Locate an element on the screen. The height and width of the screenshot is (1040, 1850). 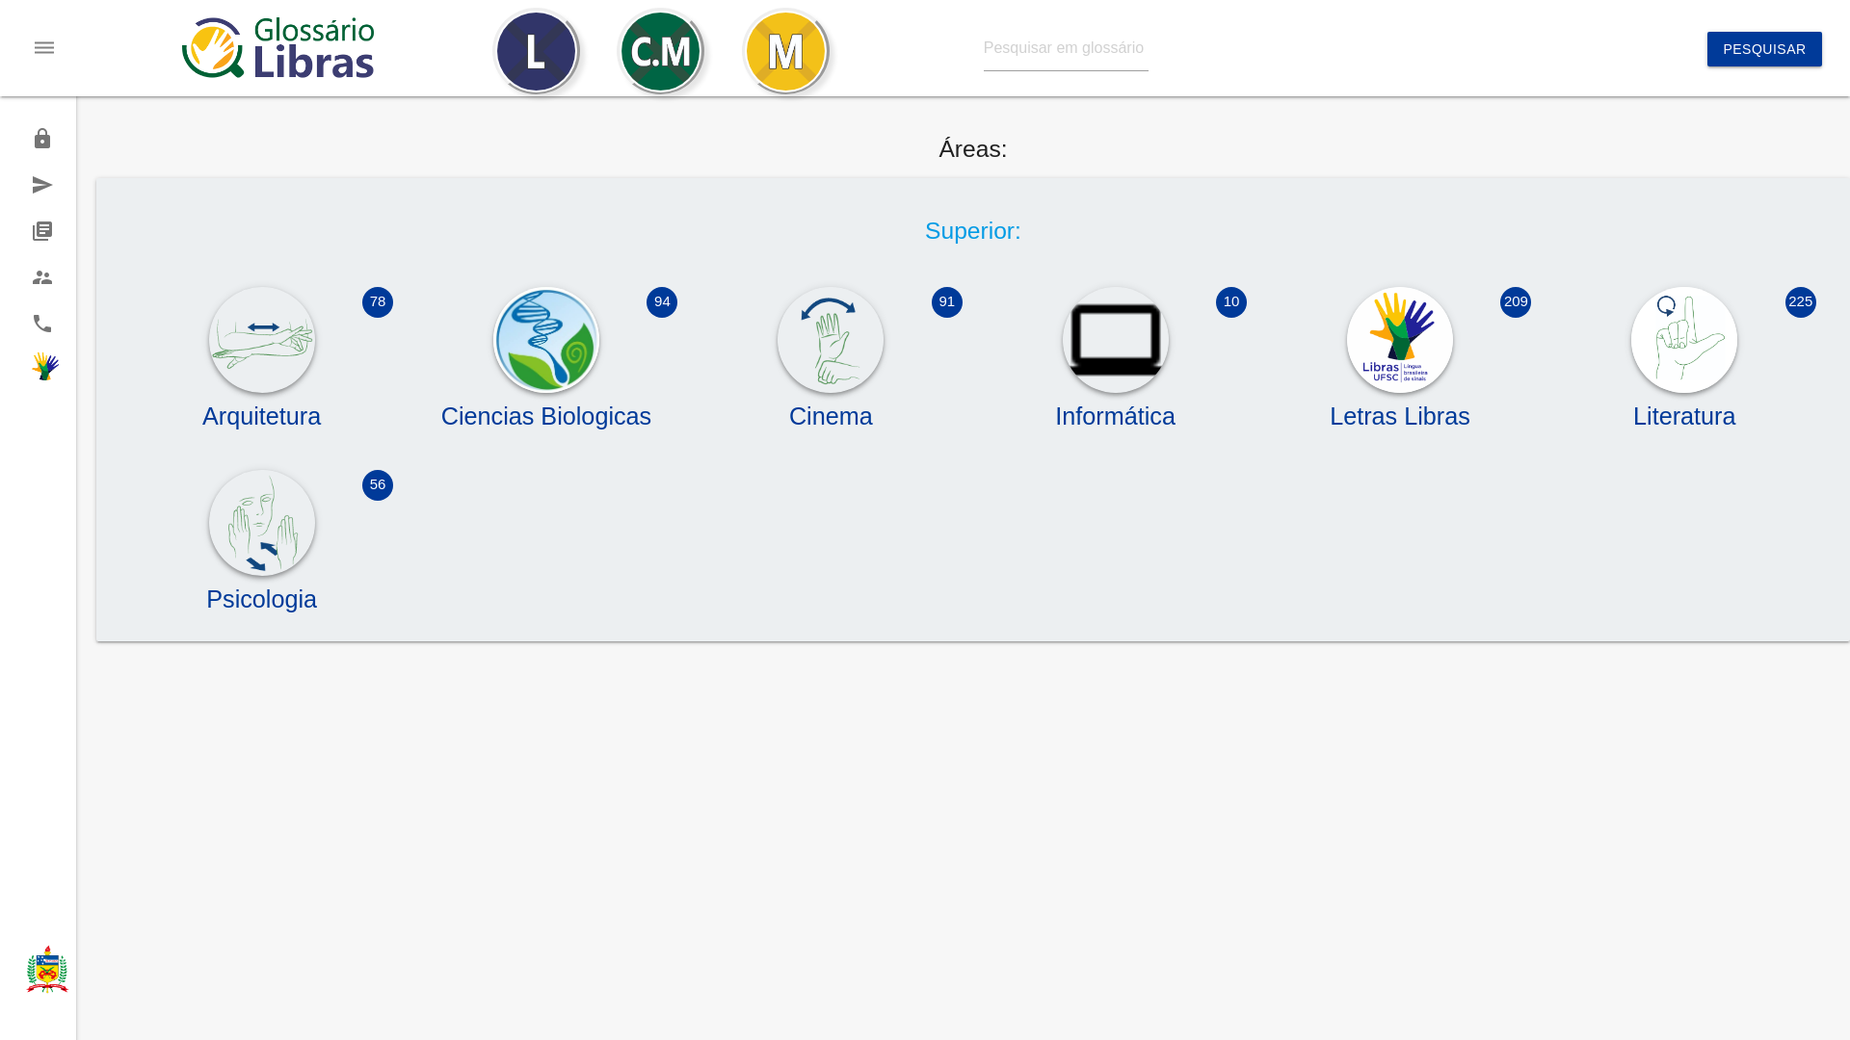
'supervisor_account is located at coordinates (38, 277).